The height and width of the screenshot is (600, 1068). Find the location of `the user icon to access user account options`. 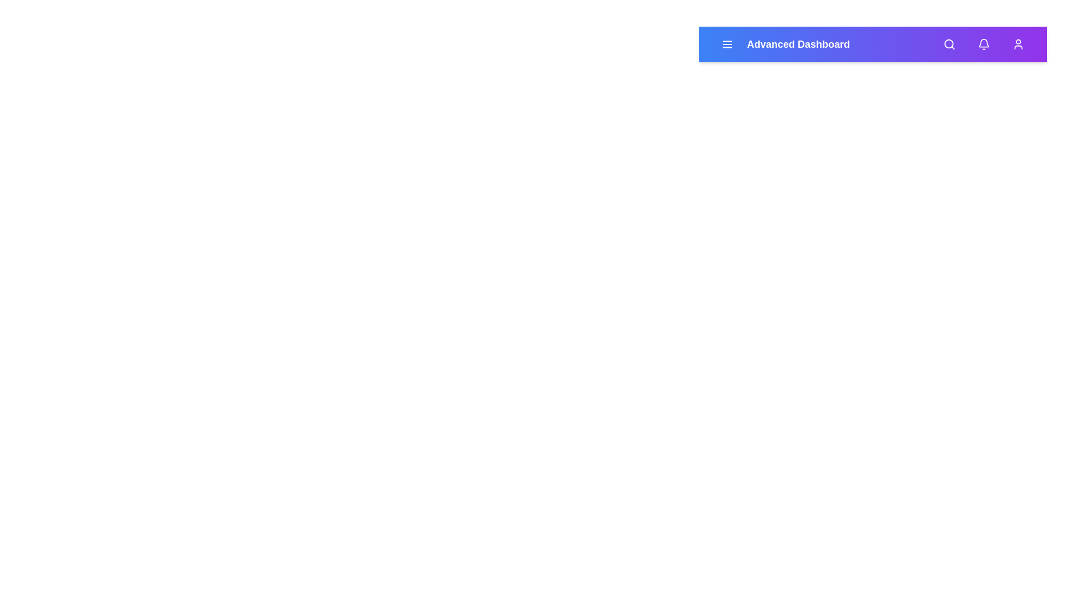

the user icon to access user account options is located at coordinates (1018, 44).